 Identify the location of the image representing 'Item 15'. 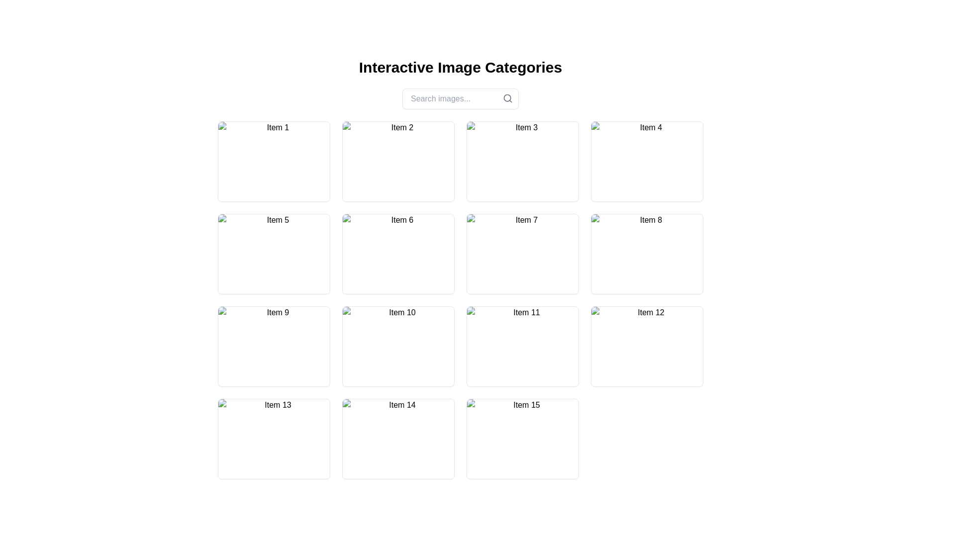
(522, 439).